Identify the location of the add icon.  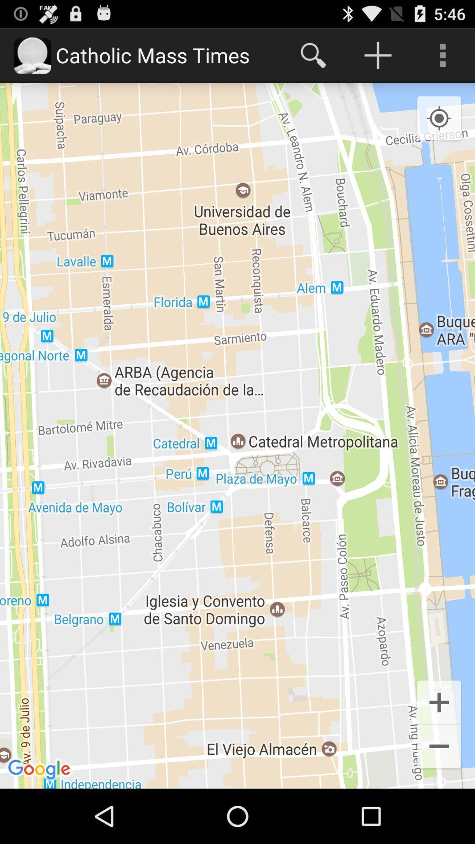
(439, 750).